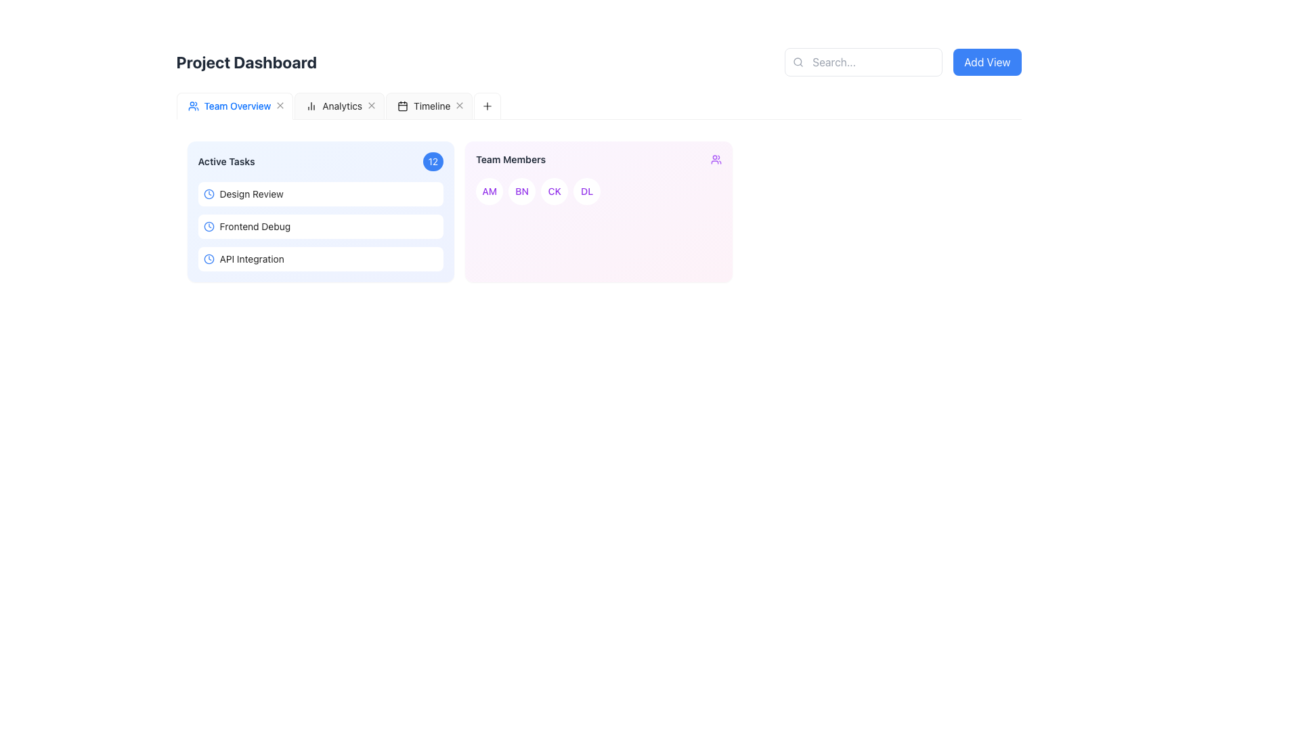  I want to click on the small circular button with an 'X' icon located to the right of the 'Timeline' tab label, so click(460, 106).